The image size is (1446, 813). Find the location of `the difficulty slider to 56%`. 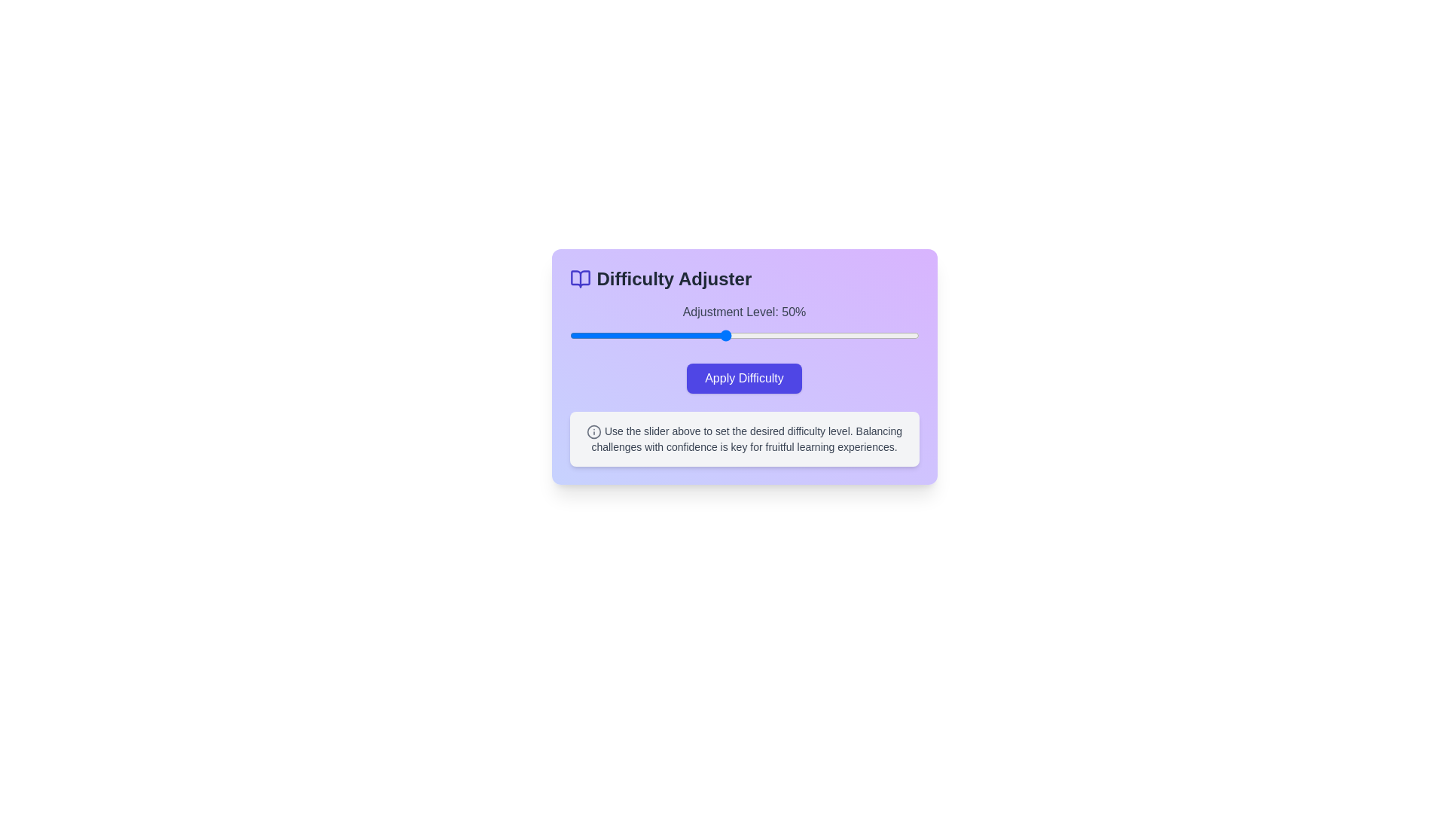

the difficulty slider to 56% is located at coordinates (748, 335).